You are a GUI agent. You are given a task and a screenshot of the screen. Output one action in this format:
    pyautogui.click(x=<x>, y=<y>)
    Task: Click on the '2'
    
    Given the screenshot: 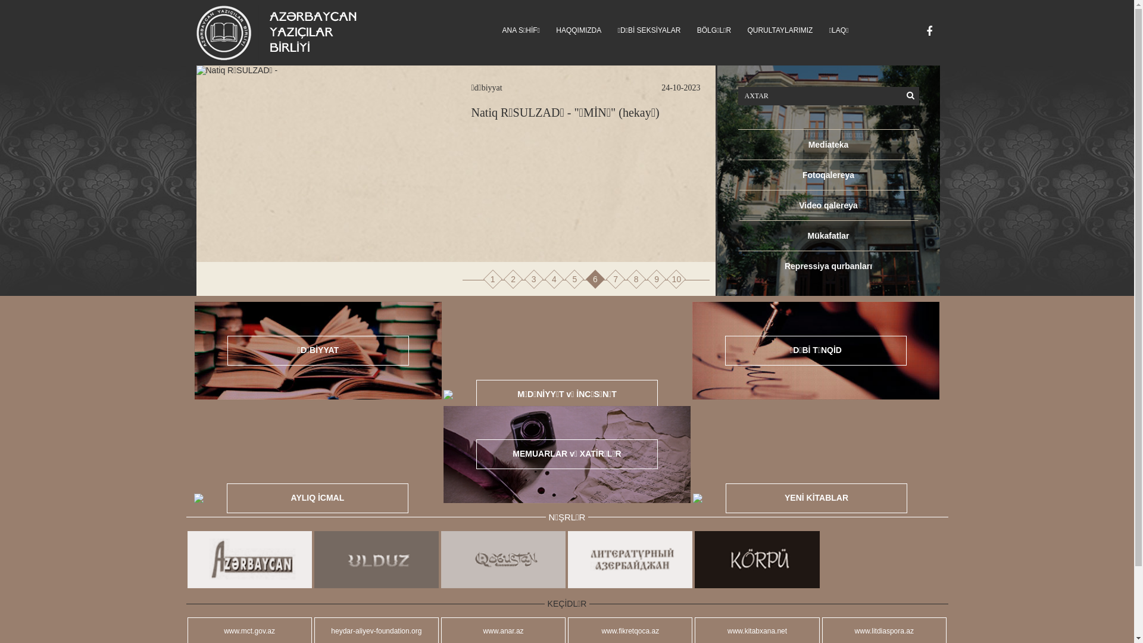 What is the action you would take?
    pyautogui.click(x=513, y=279)
    